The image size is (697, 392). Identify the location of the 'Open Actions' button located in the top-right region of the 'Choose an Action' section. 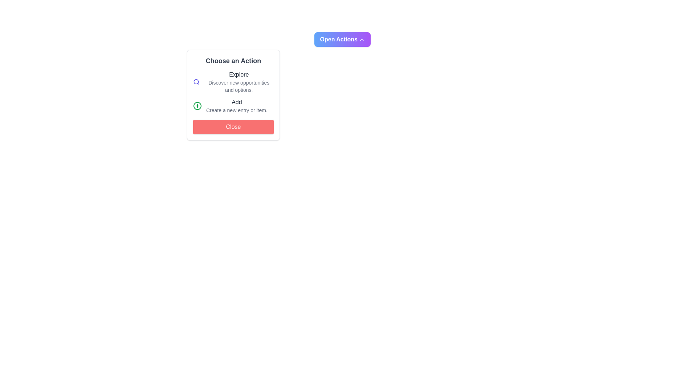
(342, 39).